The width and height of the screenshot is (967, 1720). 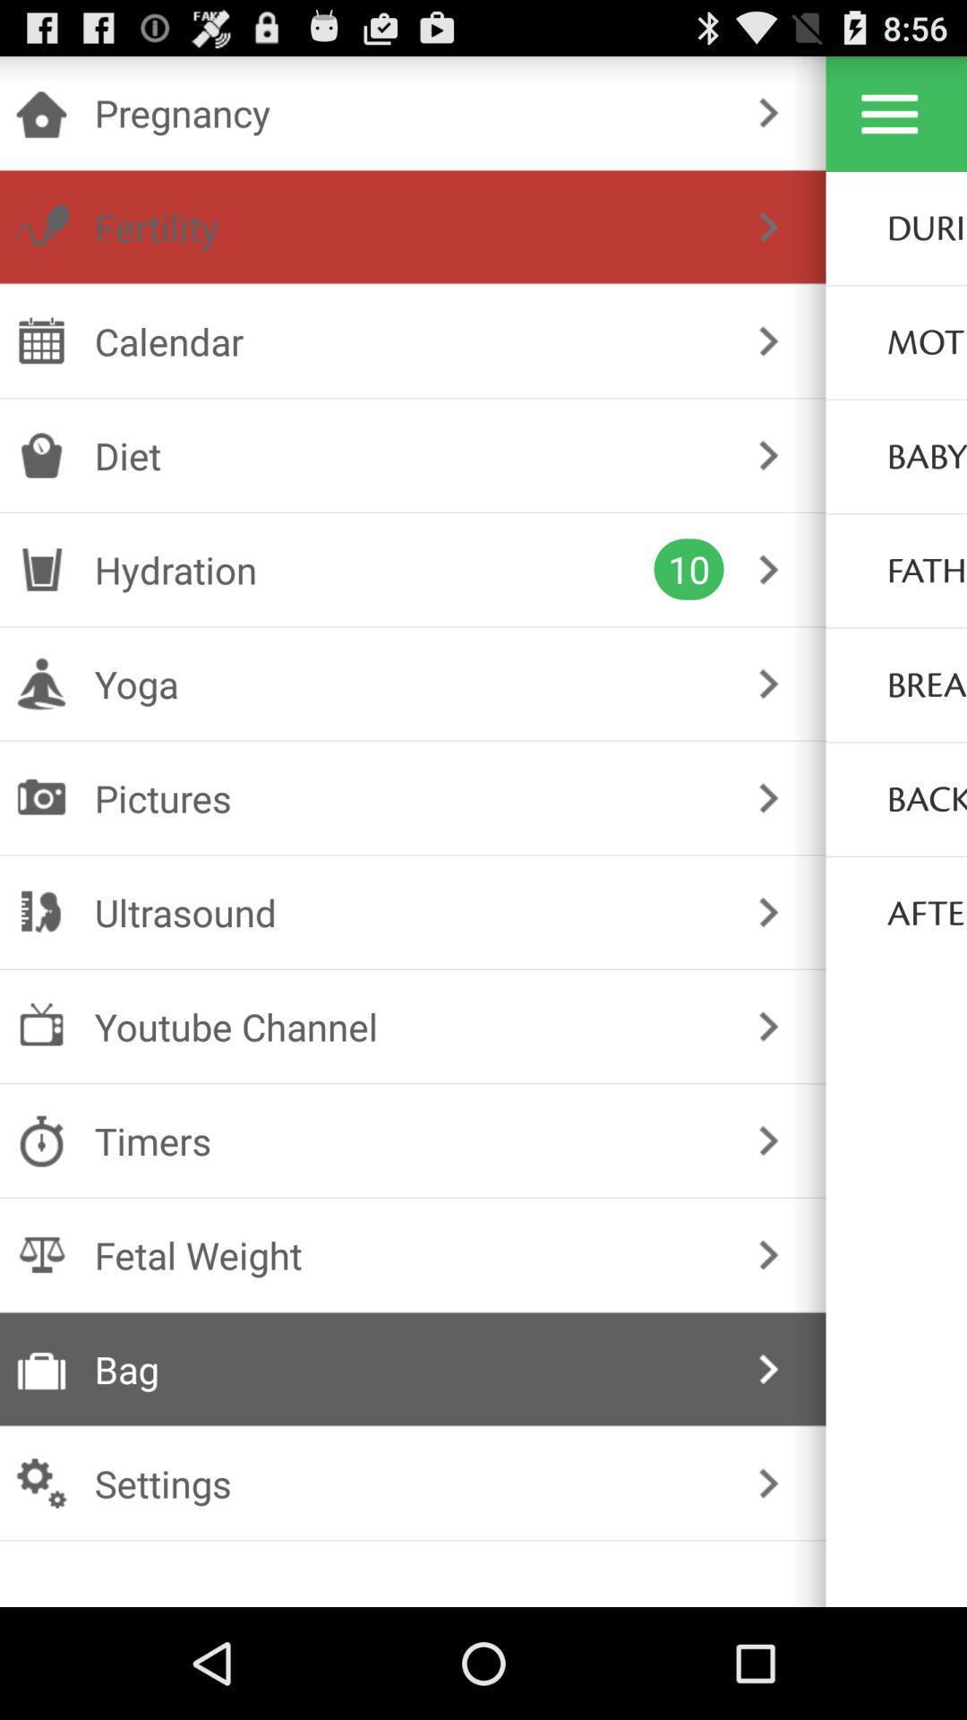 I want to click on the item below the youtube channel item, so click(x=409, y=1139).